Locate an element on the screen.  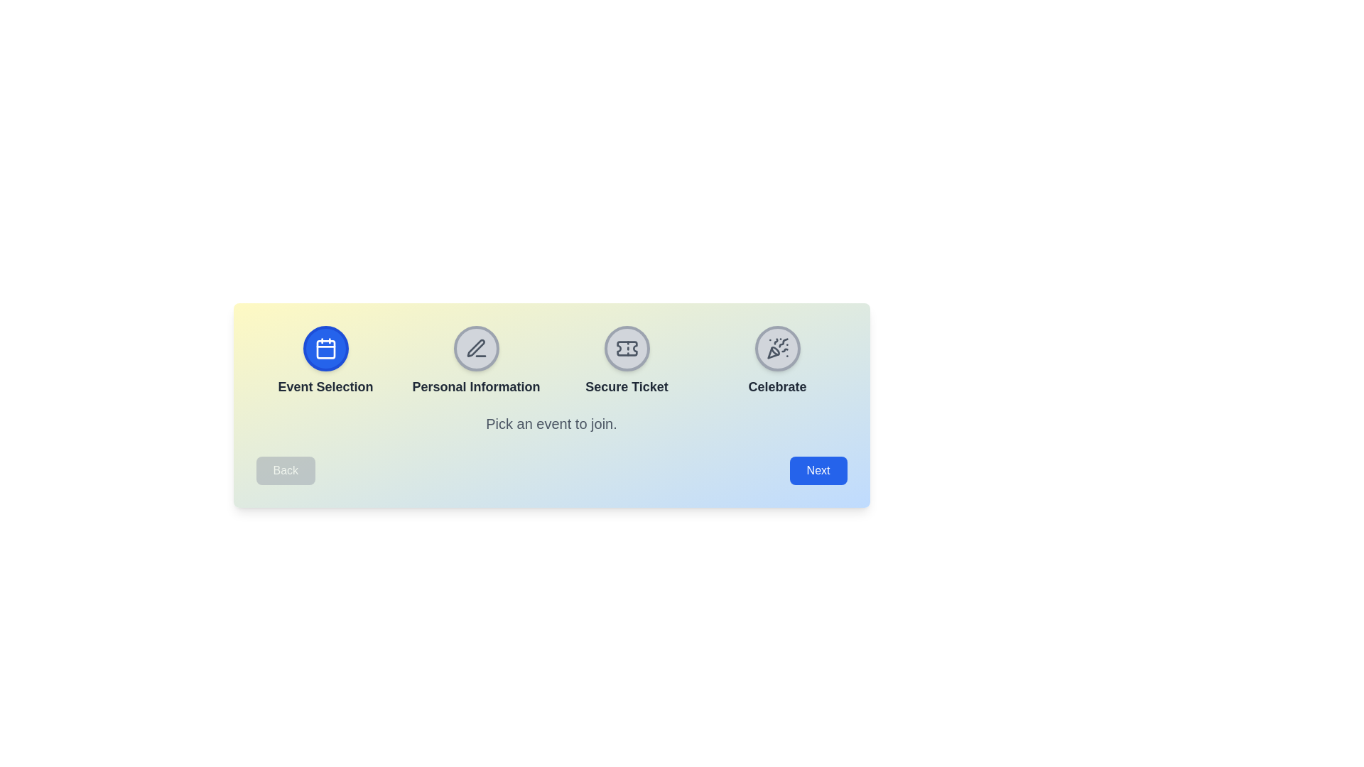
the step indicator for Event Selection to display its information is located at coordinates (325, 348).